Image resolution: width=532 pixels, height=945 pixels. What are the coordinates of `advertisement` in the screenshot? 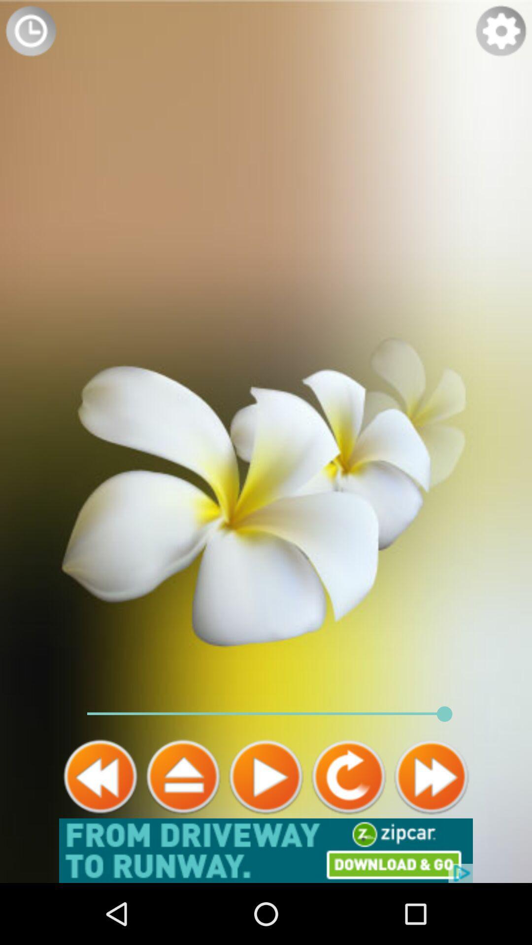 It's located at (266, 850).